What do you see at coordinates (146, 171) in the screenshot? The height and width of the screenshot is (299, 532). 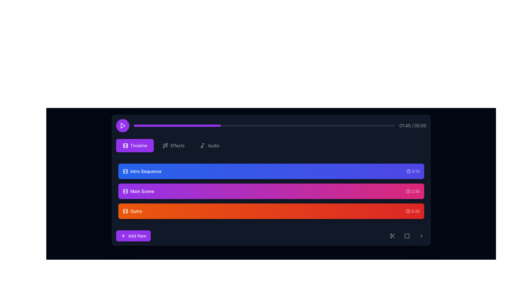 I see `the text label titled 'Intro Sequence'` at bounding box center [146, 171].